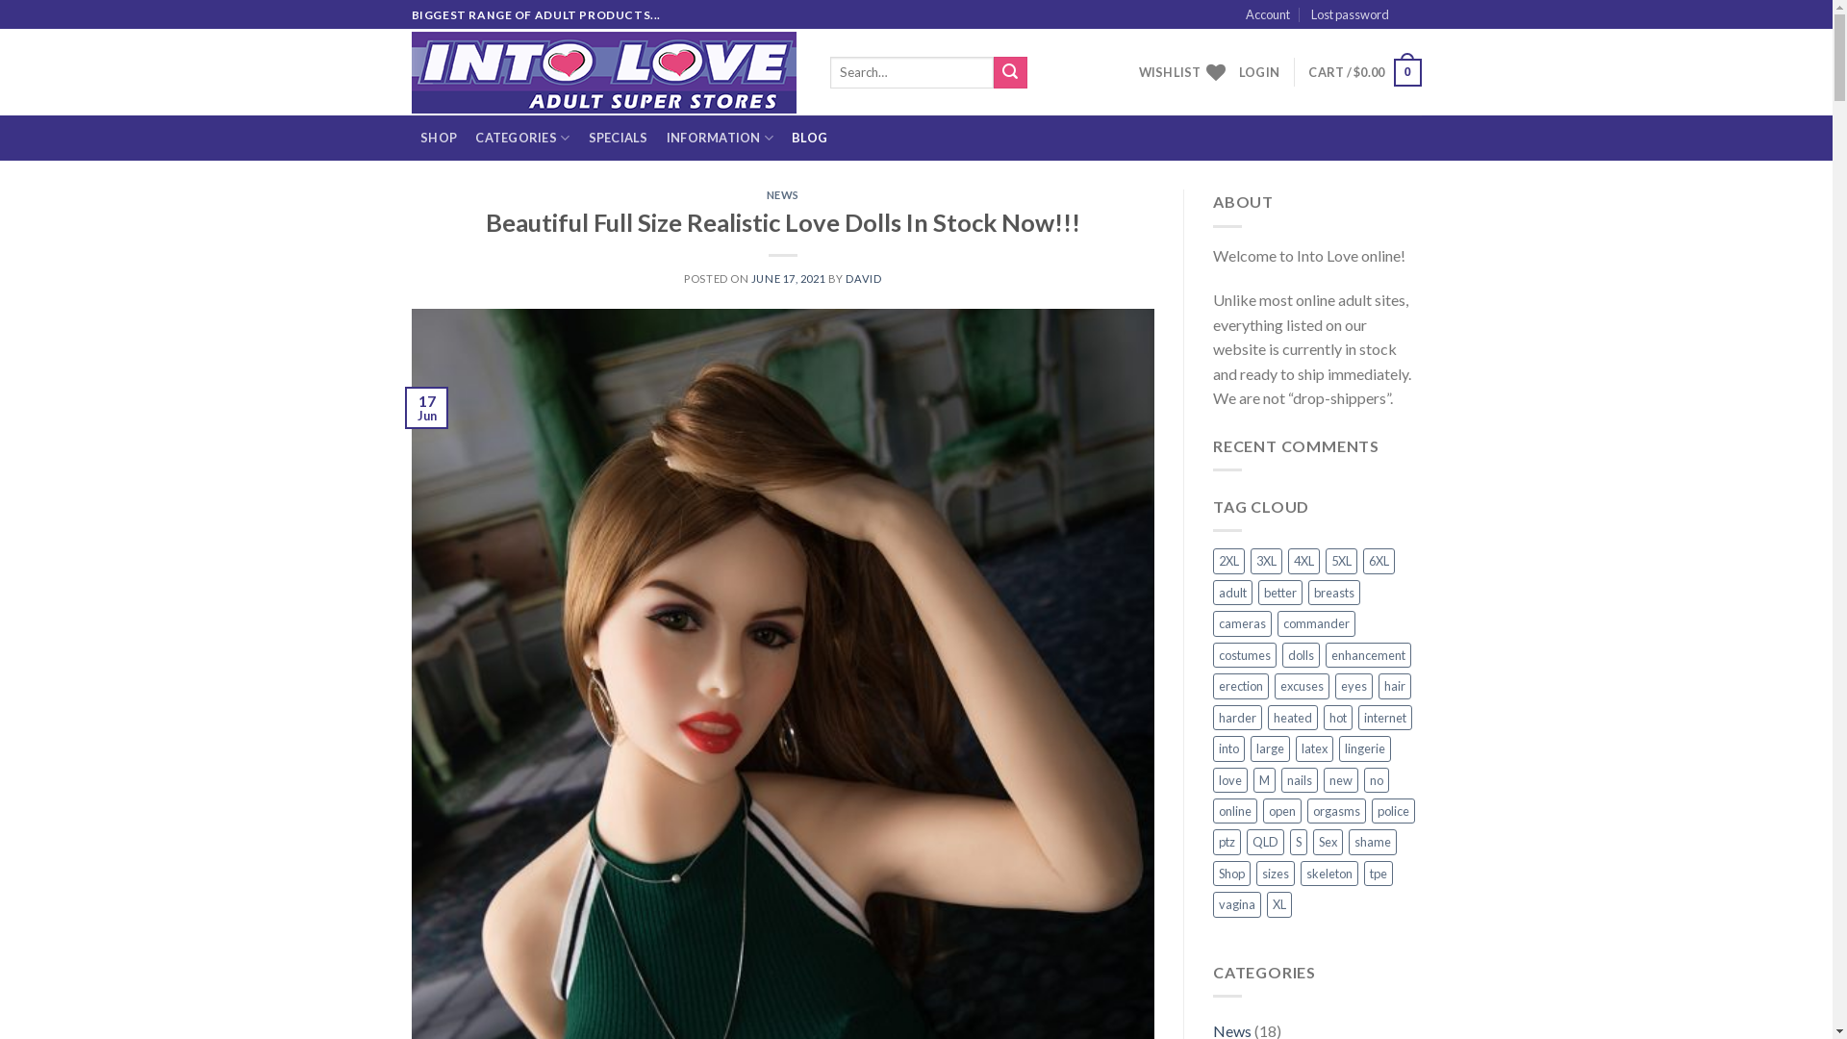 The height and width of the screenshot is (1039, 1847). What do you see at coordinates (1180, 70) in the screenshot?
I see `'WISHLIST'` at bounding box center [1180, 70].